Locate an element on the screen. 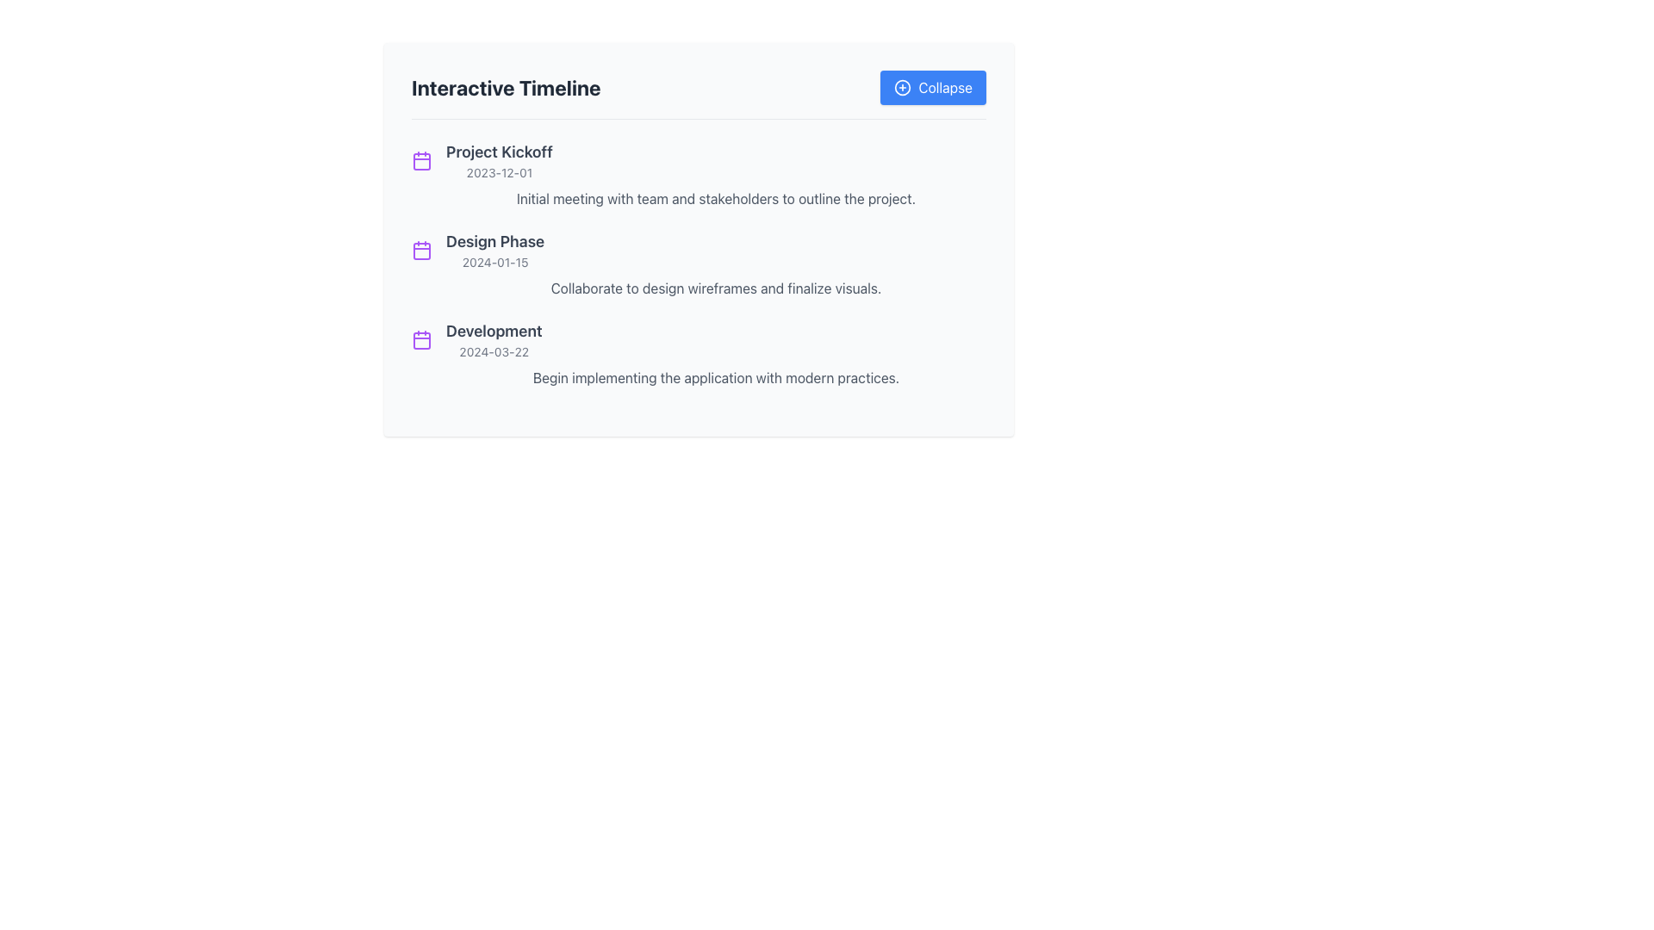  the Decorative SVG rectangle which is a rounded rectangle within the purple calendar icon, located in the lower grid section adjacent to 'Project Kickoff' is located at coordinates (421, 341).